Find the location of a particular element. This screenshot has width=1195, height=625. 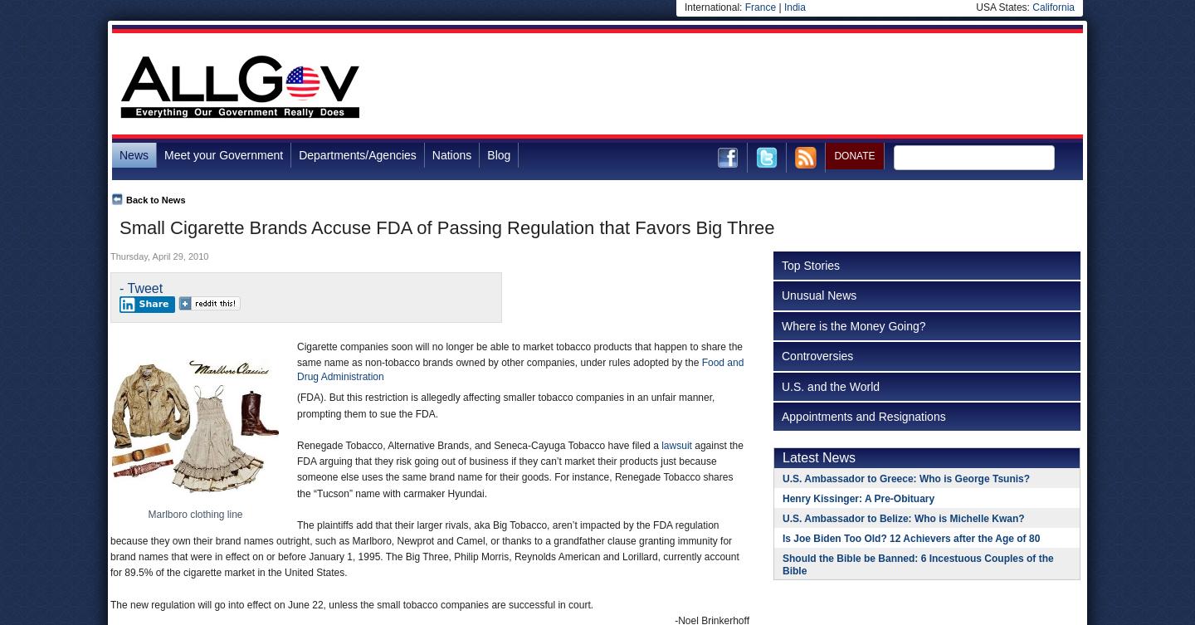

'Thursday, April 29, 2010' is located at coordinates (159, 256).